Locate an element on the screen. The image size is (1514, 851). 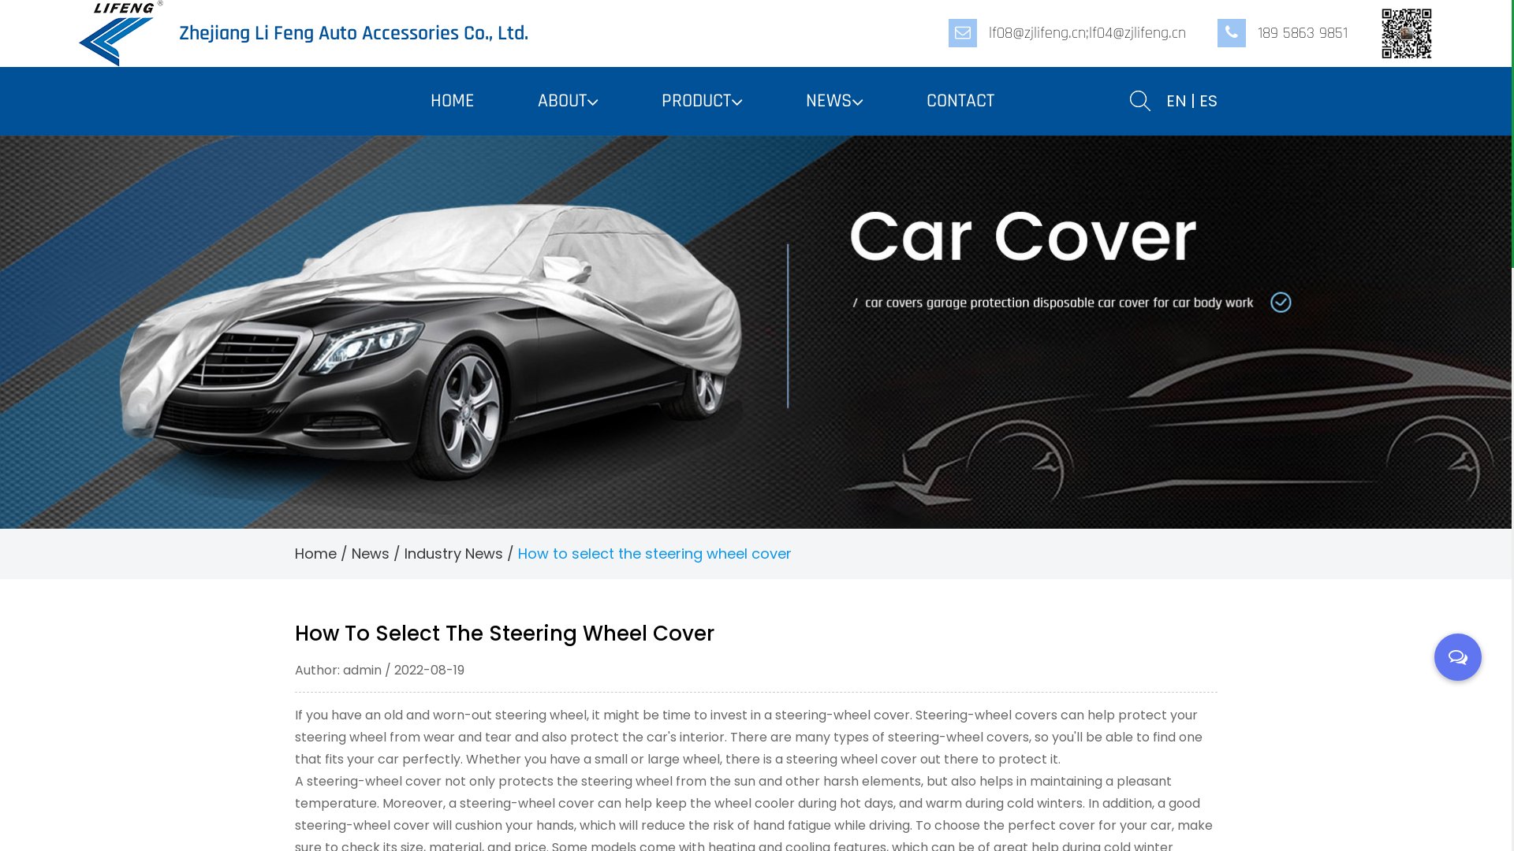
'News' is located at coordinates (370, 552).